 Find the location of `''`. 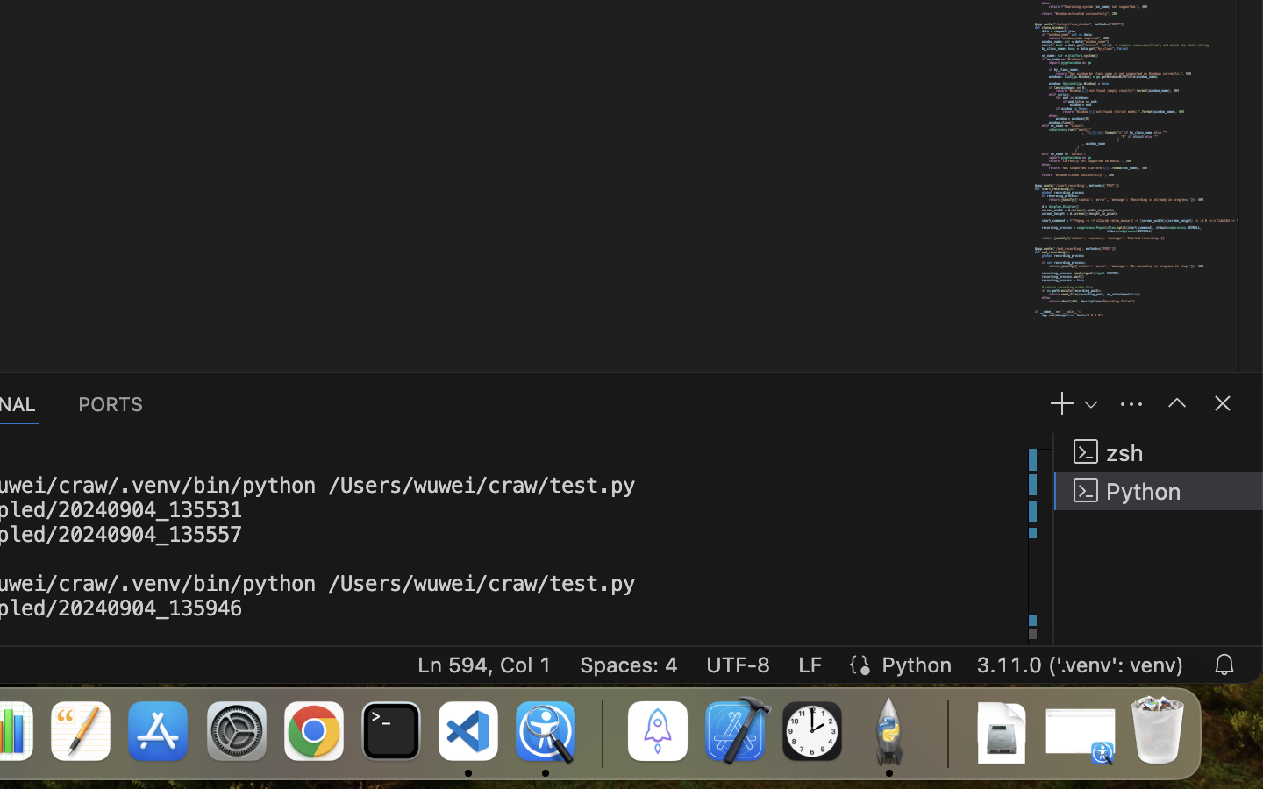

'' is located at coordinates (1223, 402).